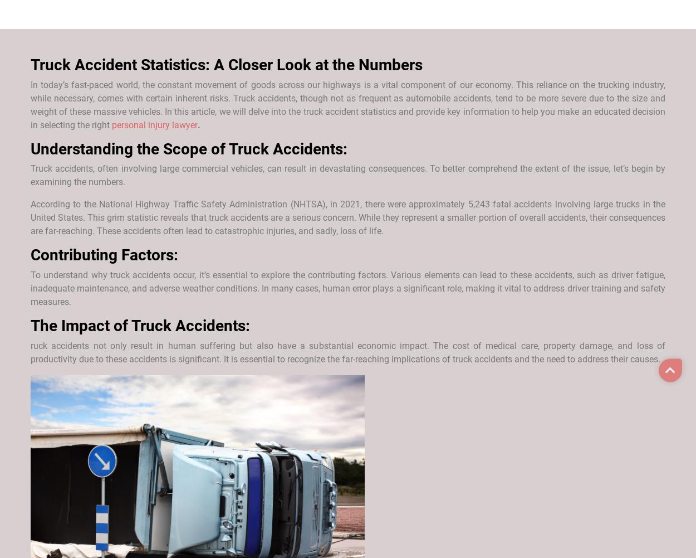 Image resolution: width=696 pixels, height=558 pixels. Describe the element at coordinates (348, 217) in the screenshot. I see `'According to the National Highway Traffic Safety Administration (NHTSA), in 2021, there were approximately 5,243 fatal accidents involving large trucks in the United States. This grim statistic reveals that truck accidents are a serious concern. While they represent a smaller portion of overall accidents, their consequences are far-reaching. These accidents often lead to catastrophic injuries, and sadly, loss of life.'` at that location.